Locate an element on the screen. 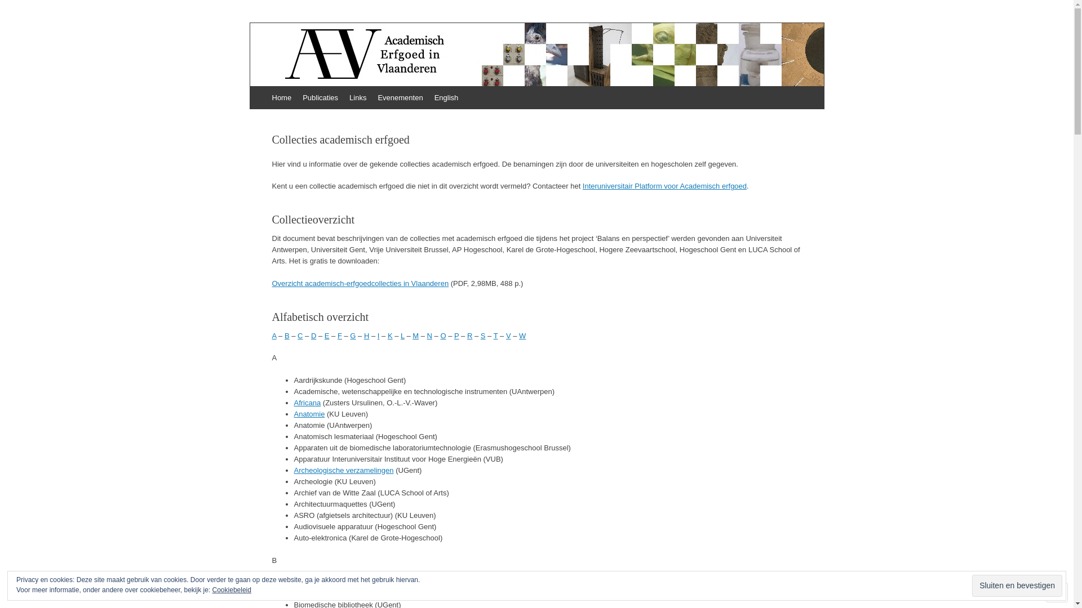 Image resolution: width=1082 pixels, height=608 pixels. 'Cookiebeleid' is located at coordinates (212, 589).